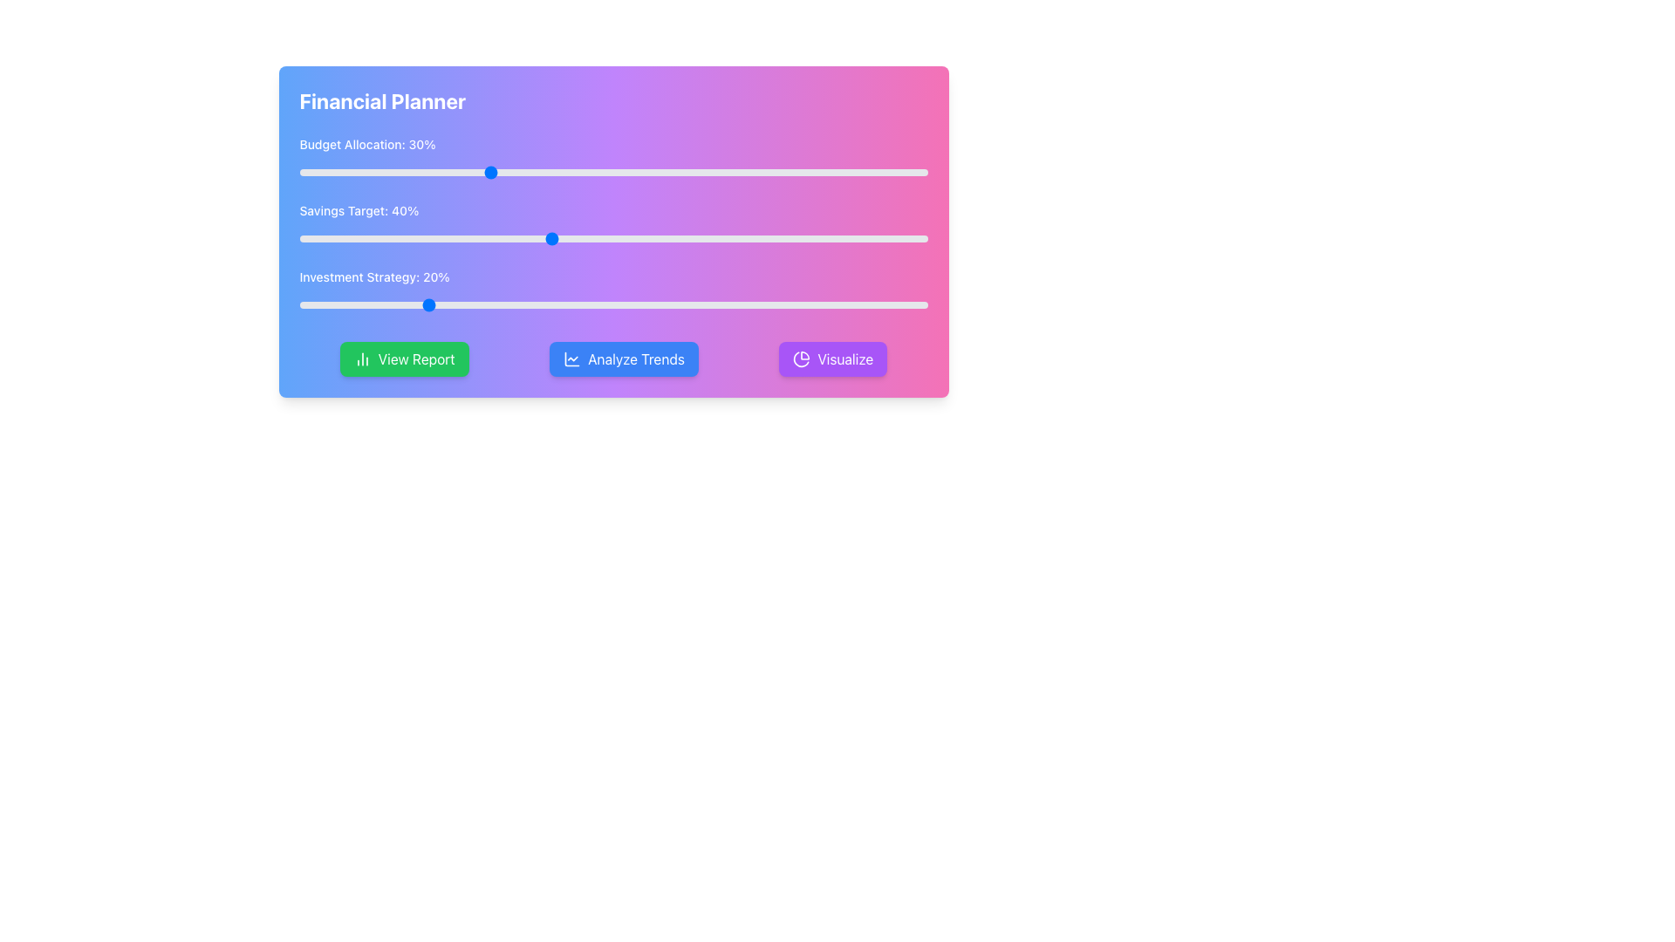 The height and width of the screenshot is (942, 1675). I want to click on the rightmost button in a group of three buttons at the bottom of the interface, so click(832, 358).